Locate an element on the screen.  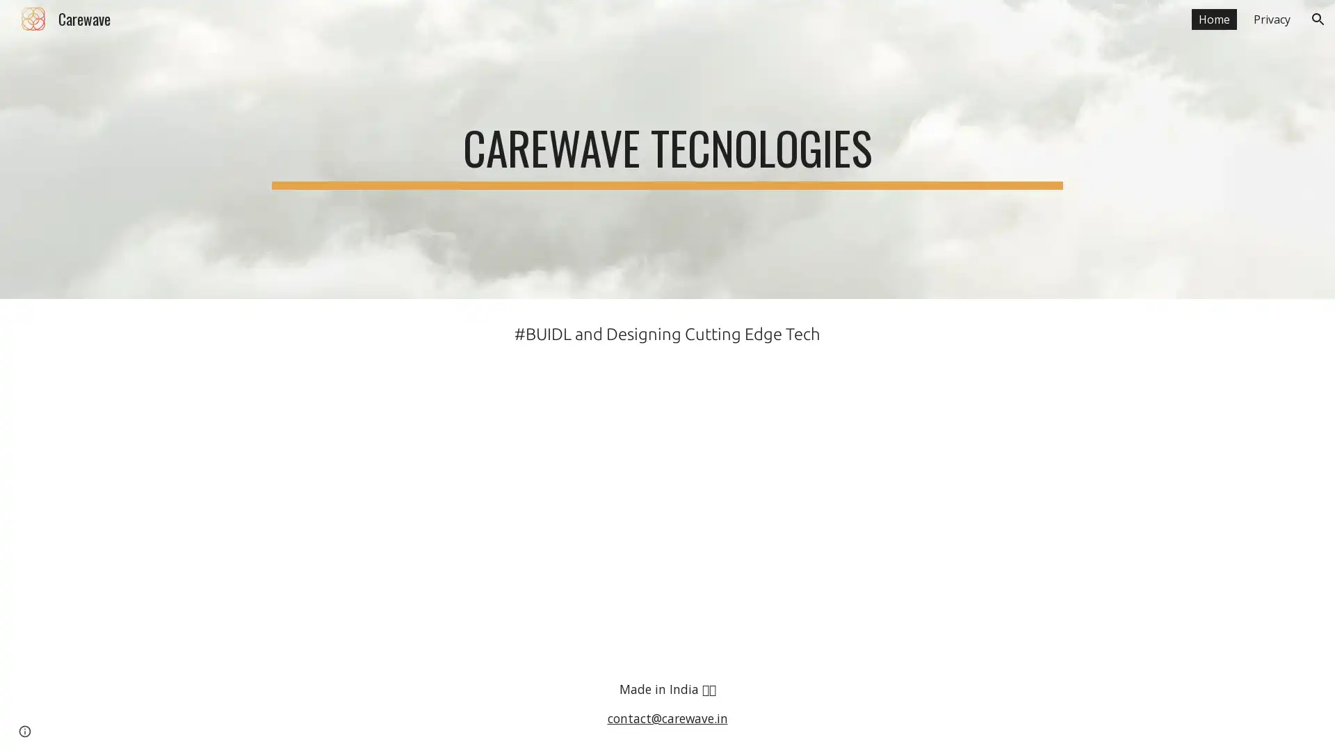
Skip to navigation is located at coordinates (792, 26).